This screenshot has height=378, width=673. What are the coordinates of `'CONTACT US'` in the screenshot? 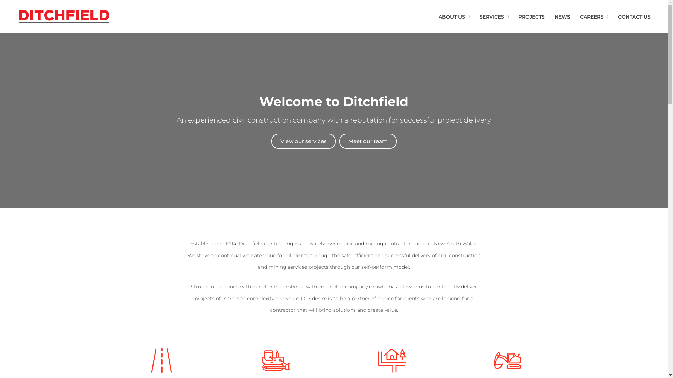 It's located at (634, 16).